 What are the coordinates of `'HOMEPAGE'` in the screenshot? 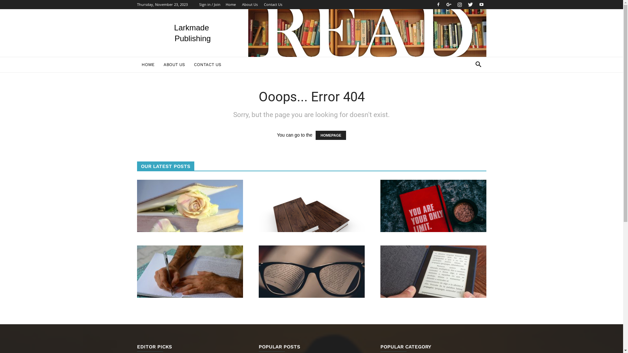 It's located at (315, 135).